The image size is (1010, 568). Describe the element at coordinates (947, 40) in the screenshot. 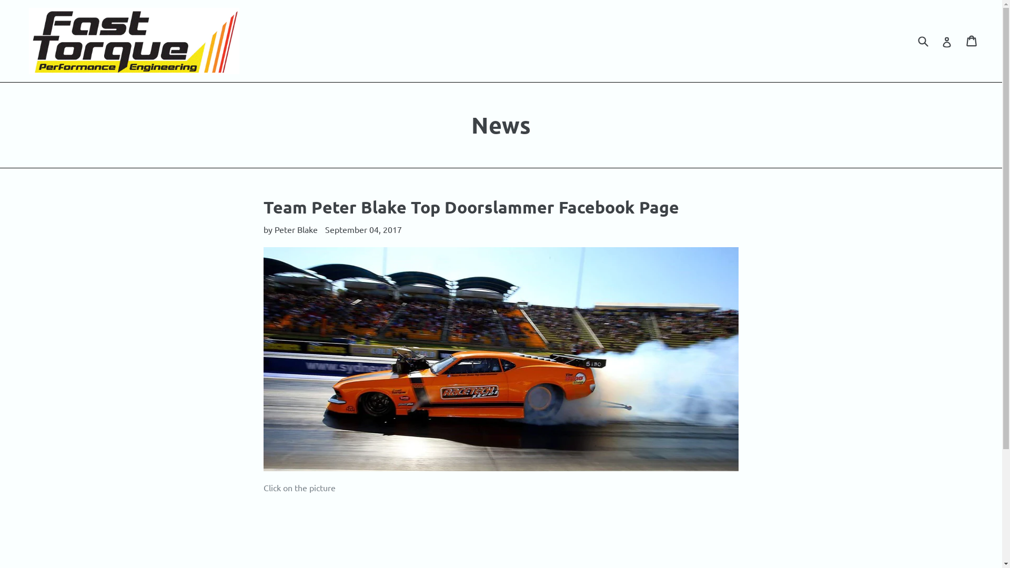

I see `'Log in'` at that location.